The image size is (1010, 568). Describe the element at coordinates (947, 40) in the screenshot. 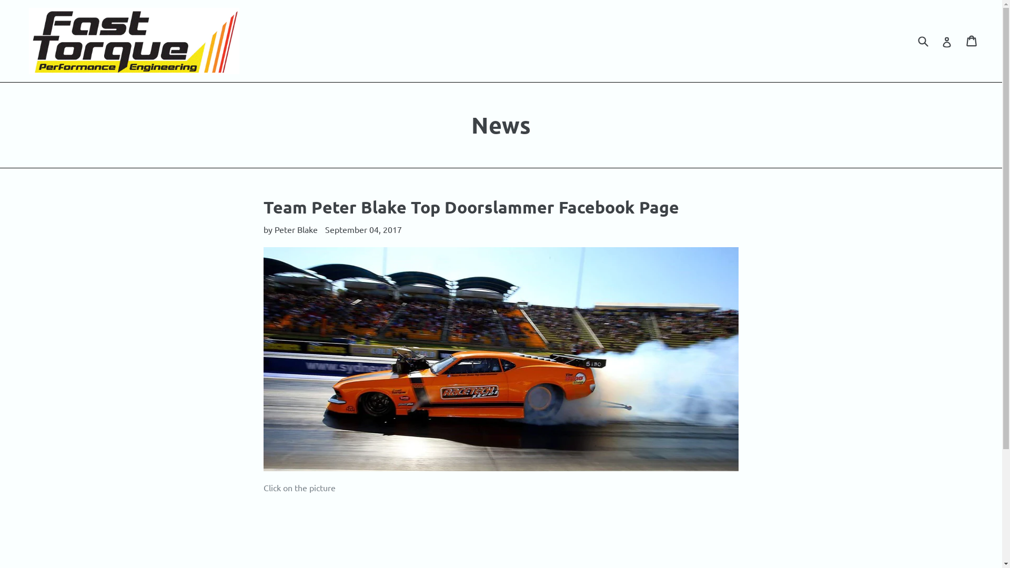

I see `'Log in'` at that location.